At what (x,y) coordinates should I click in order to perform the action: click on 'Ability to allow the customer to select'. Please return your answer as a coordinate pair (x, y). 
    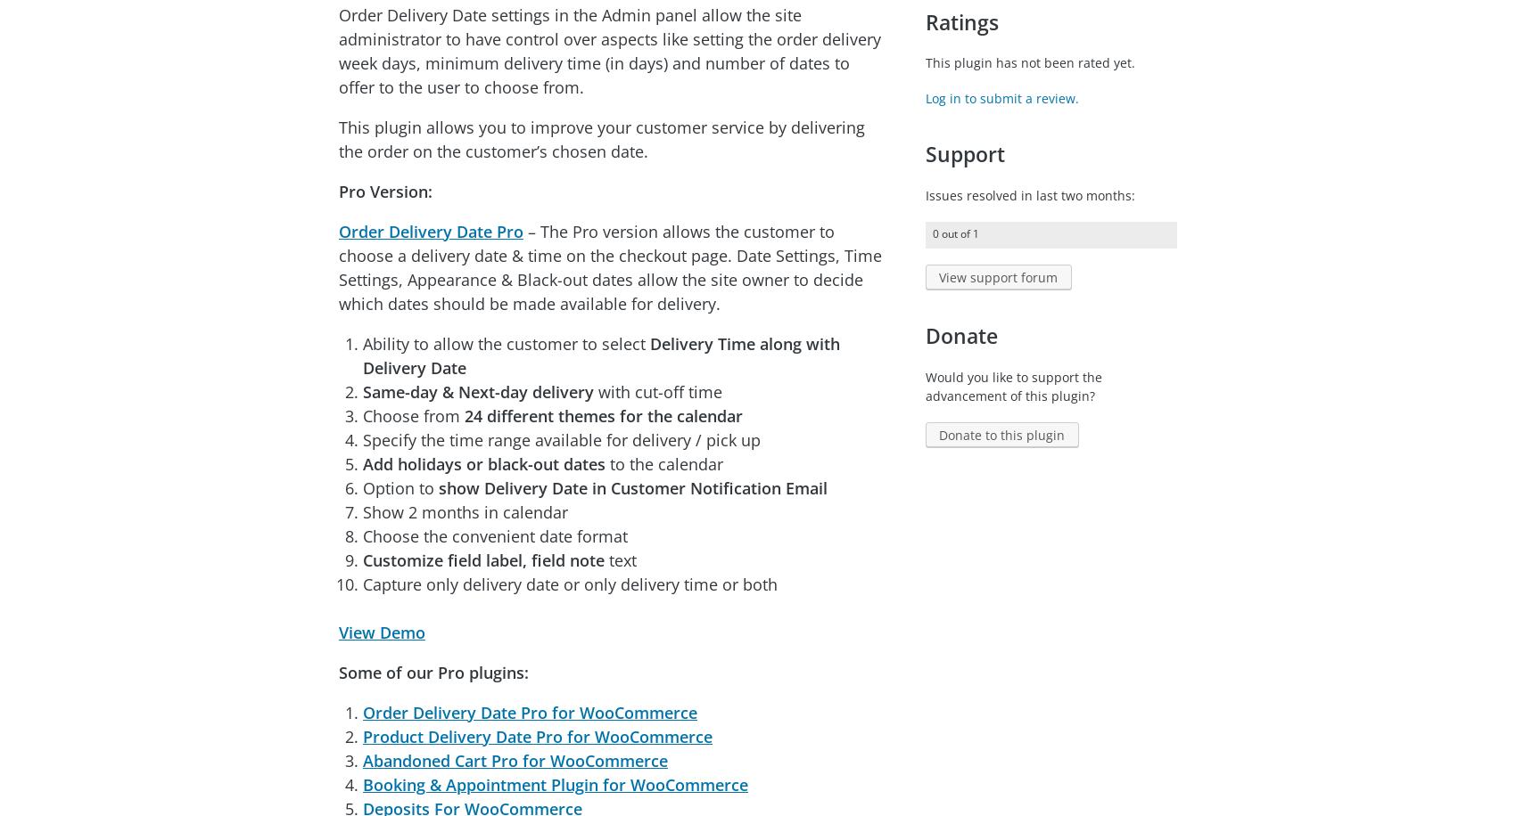
    Looking at the image, I should click on (505, 342).